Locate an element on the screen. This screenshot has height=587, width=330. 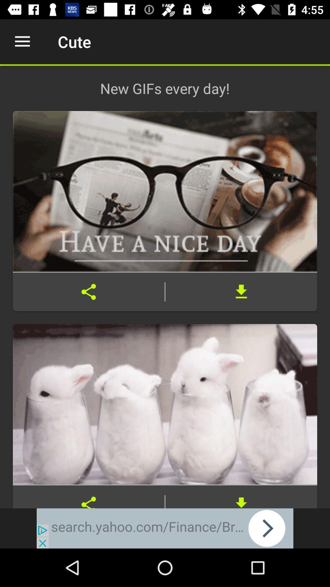
download is located at coordinates (241, 291).